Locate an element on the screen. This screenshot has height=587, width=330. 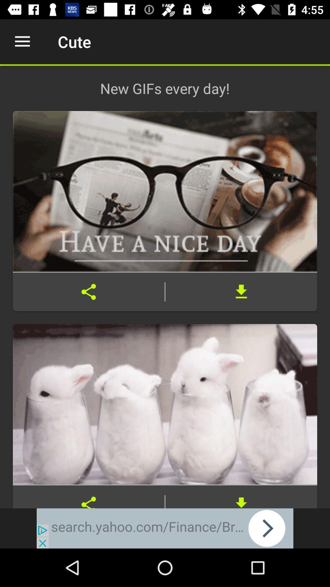
download is located at coordinates (241, 291).